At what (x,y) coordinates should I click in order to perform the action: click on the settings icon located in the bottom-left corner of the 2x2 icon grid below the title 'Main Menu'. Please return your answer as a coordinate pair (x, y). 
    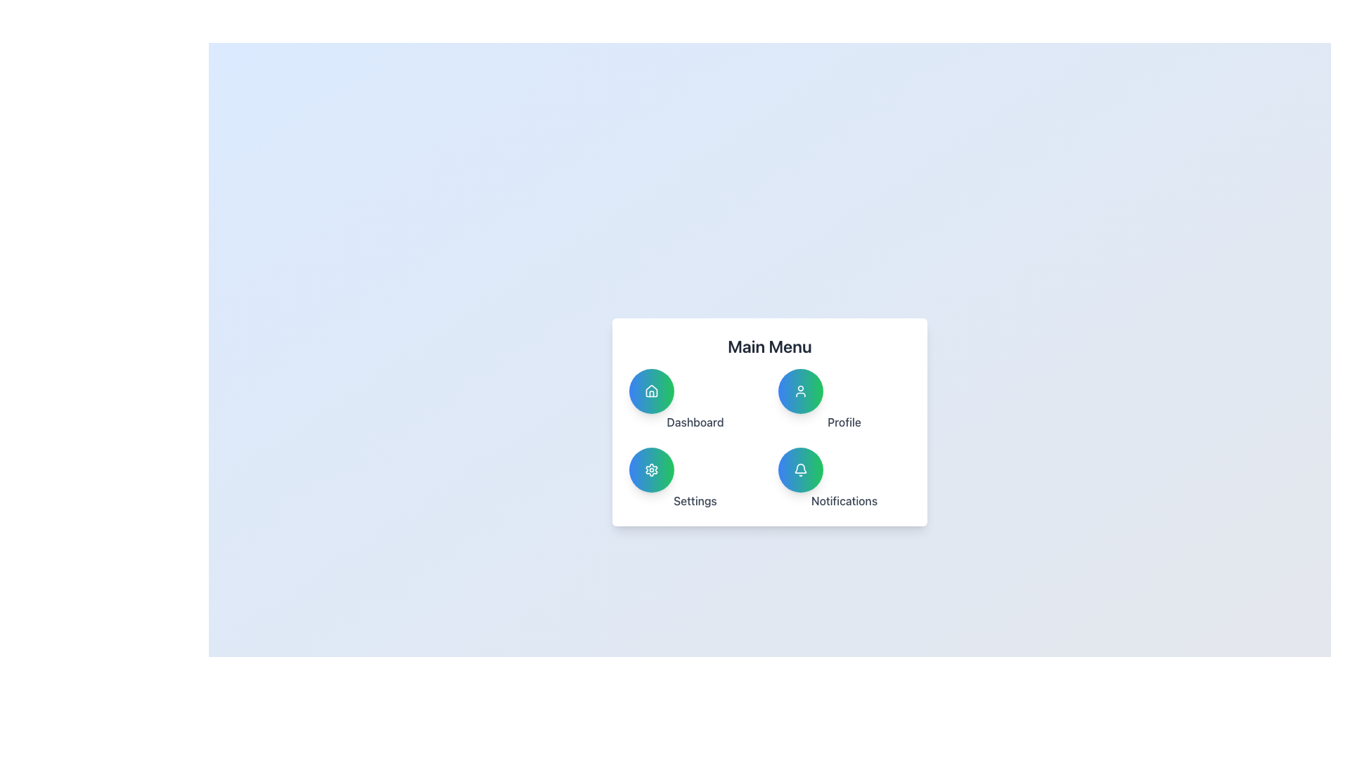
    Looking at the image, I should click on (650, 469).